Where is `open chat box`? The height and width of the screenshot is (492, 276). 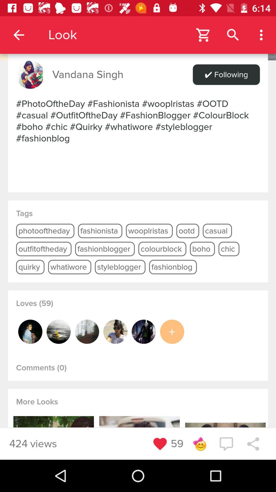
open chat box is located at coordinates (226, 444).